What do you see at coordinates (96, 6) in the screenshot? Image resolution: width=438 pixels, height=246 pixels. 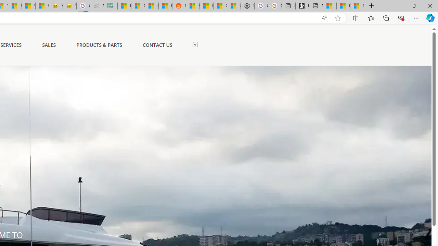 I see `'Navy Quest'` at bounding box center [96, 6].